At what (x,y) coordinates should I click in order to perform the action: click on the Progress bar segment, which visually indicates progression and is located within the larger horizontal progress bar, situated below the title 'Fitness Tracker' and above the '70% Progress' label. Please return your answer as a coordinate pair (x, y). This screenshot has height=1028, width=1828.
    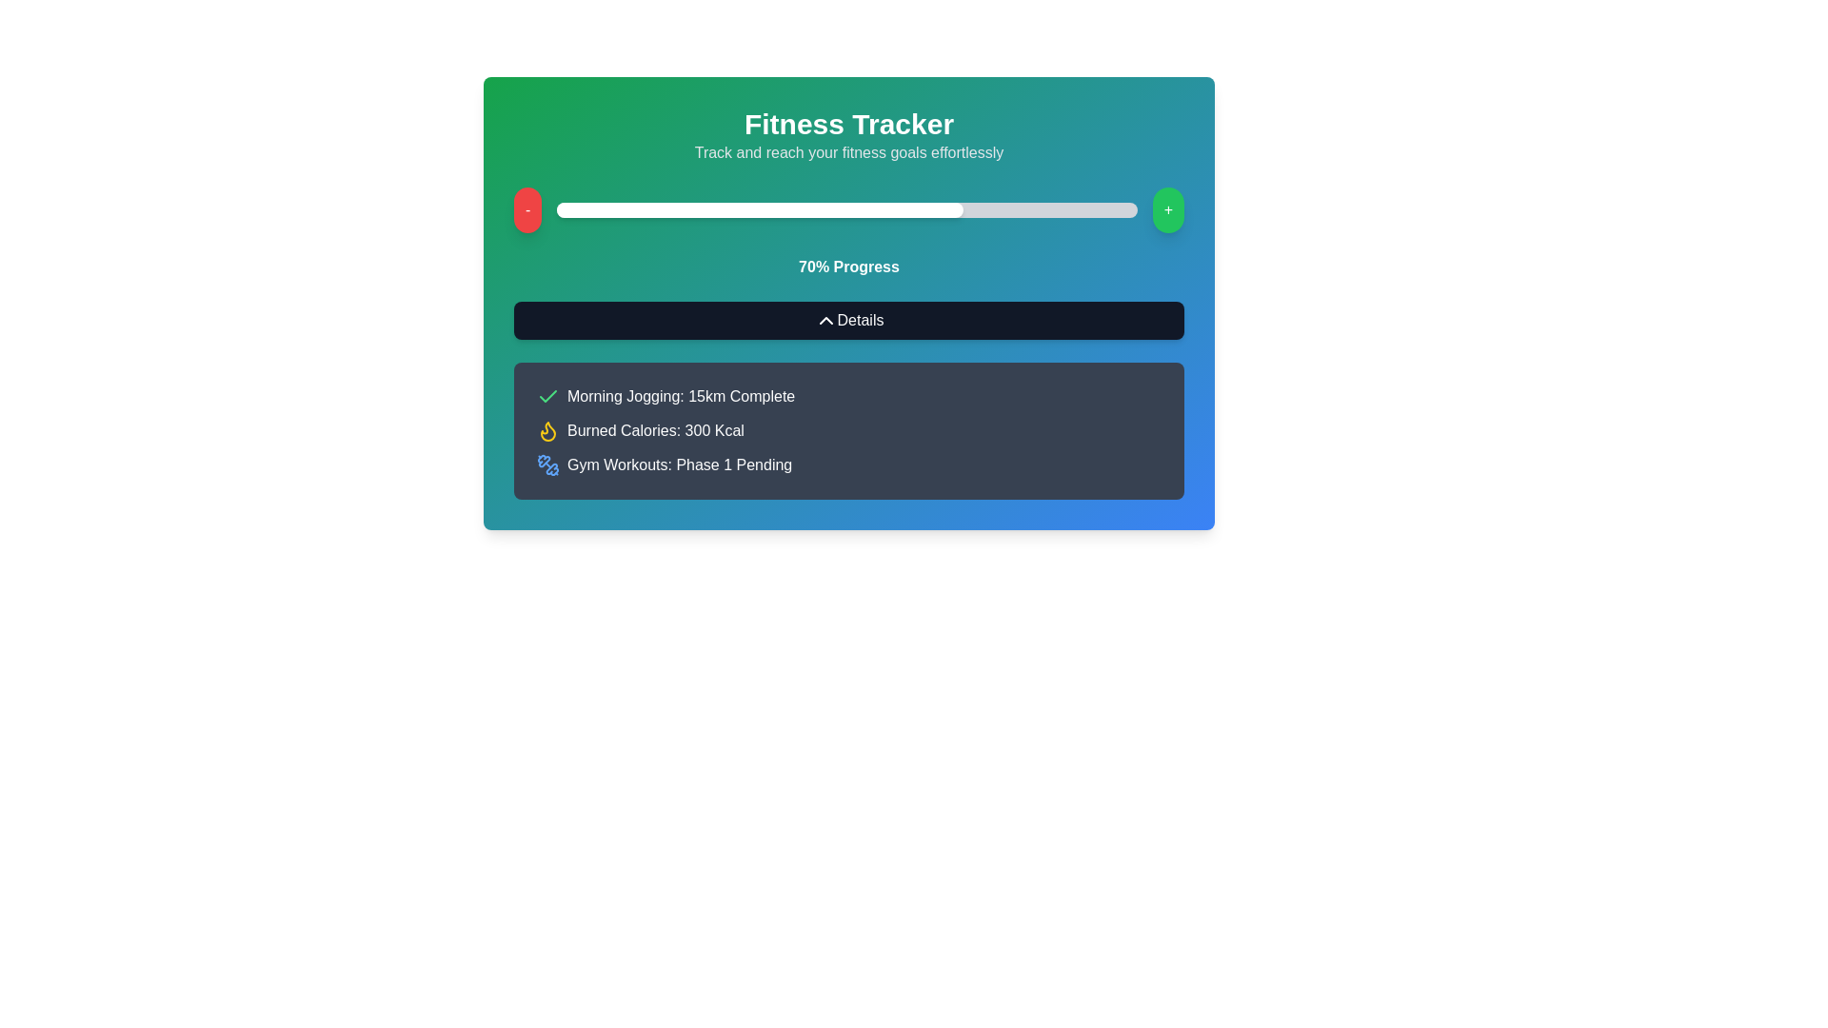
    Looking at the image, I should click on (759, 209).